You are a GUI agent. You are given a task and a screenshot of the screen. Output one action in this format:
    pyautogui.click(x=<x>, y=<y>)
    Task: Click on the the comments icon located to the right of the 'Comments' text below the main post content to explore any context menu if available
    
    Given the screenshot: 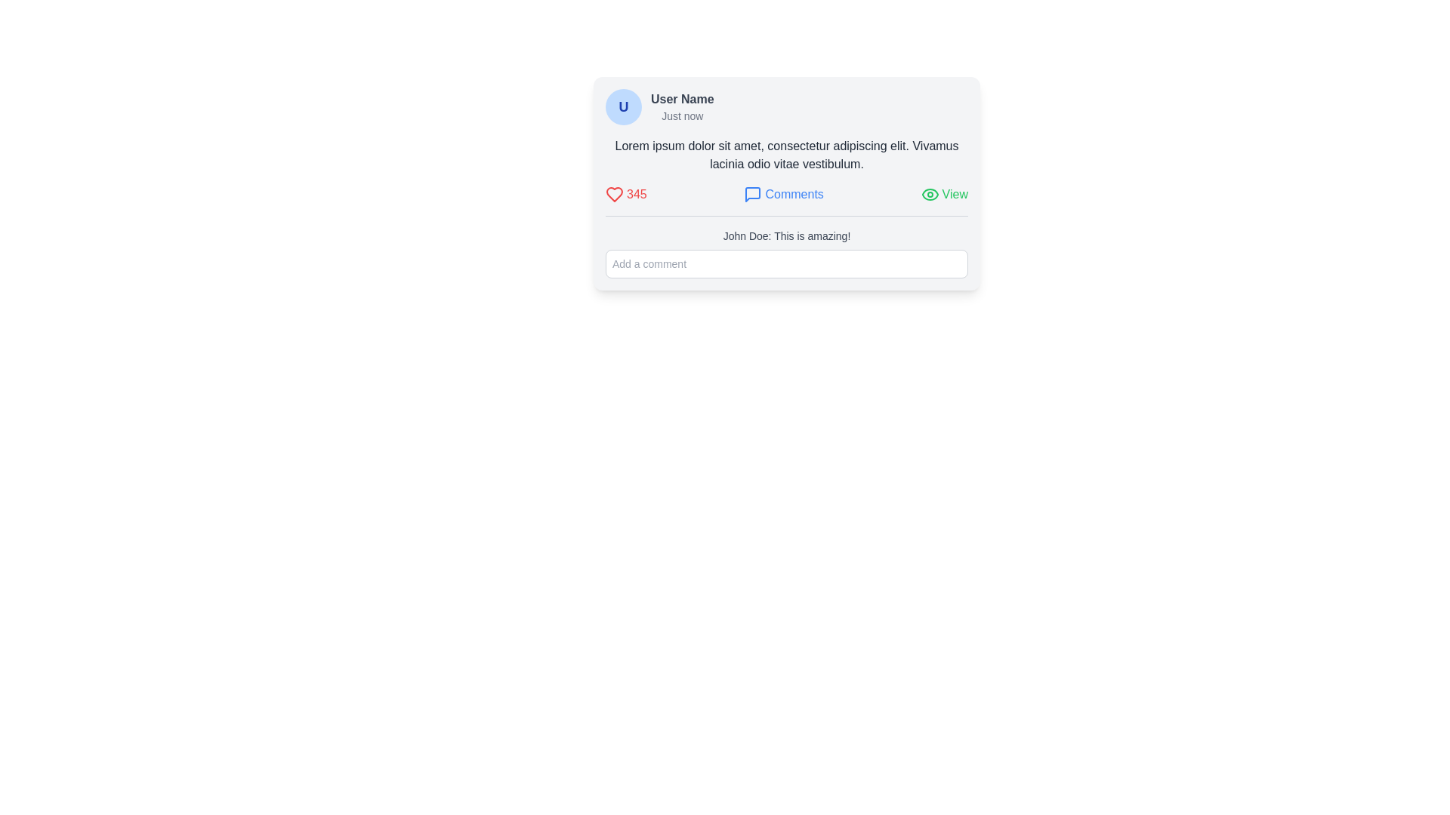 What is the action you would take?
    pyautogui.click(x=753, y=194)
    